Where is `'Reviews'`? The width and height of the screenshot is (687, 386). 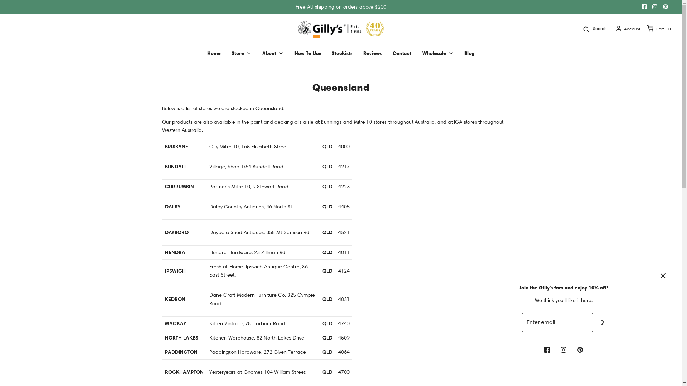 'Reviews' is located at coordinates (372, 53).